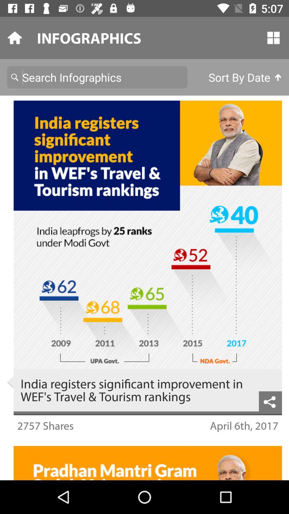  Describe the element at coordinates (244, 425) in the screenshot. I see `item next to the 2757 shares icon` at that location.